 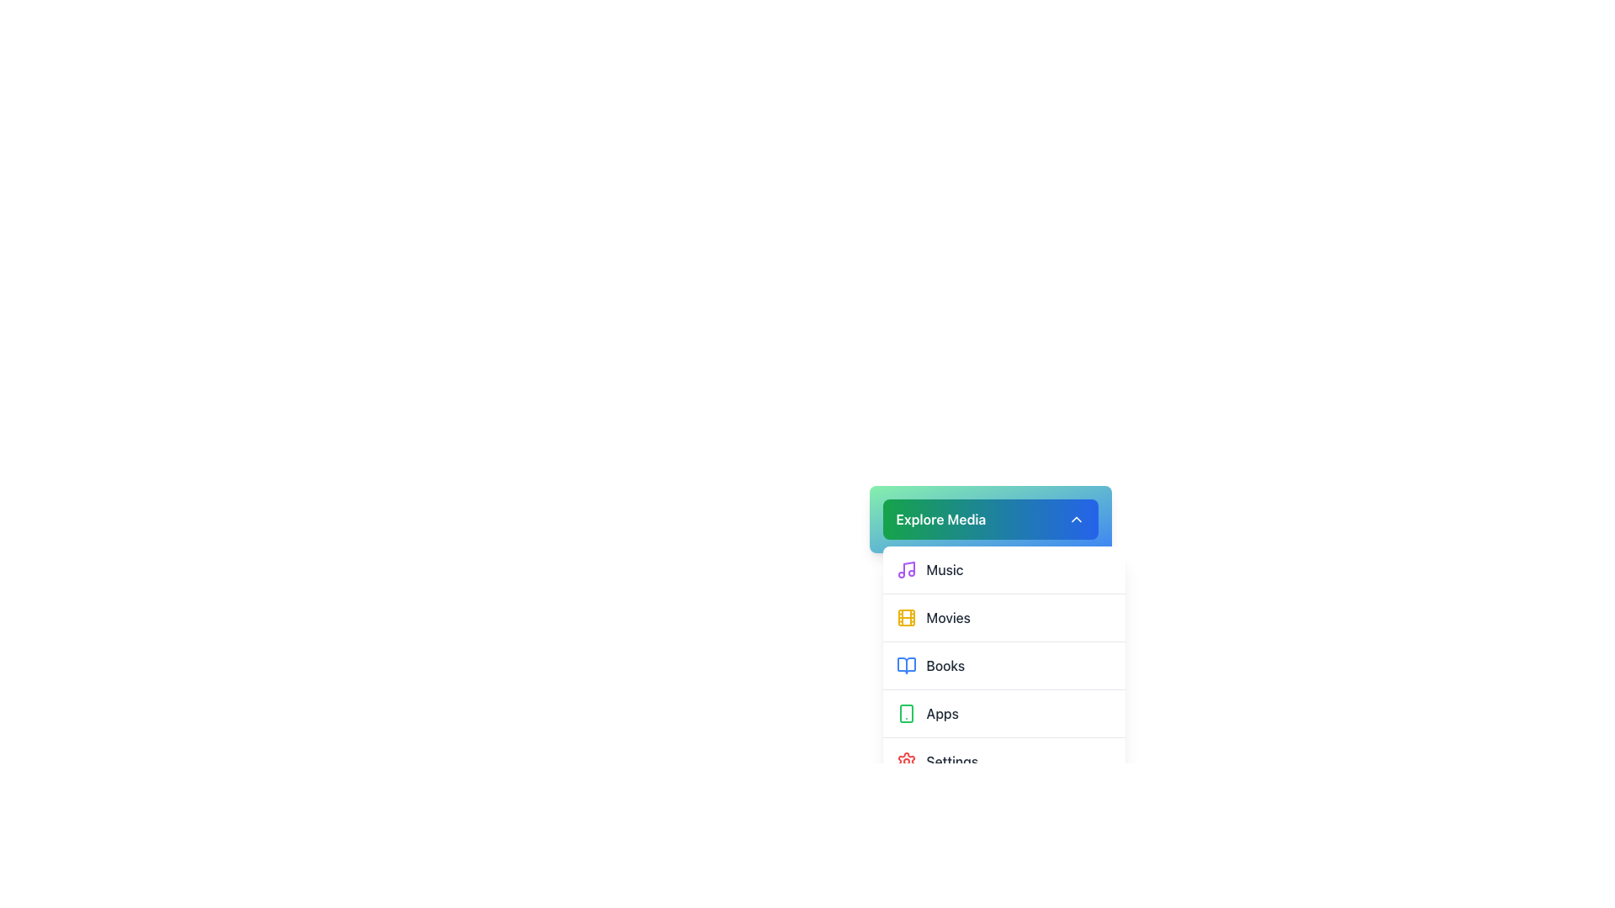 What do you see at coordinates (905, 664) in the screenshot?
I see `the highly stylized blue gradient icon resembling an open book in the dropdown menu` at bounding box center [905, 664].